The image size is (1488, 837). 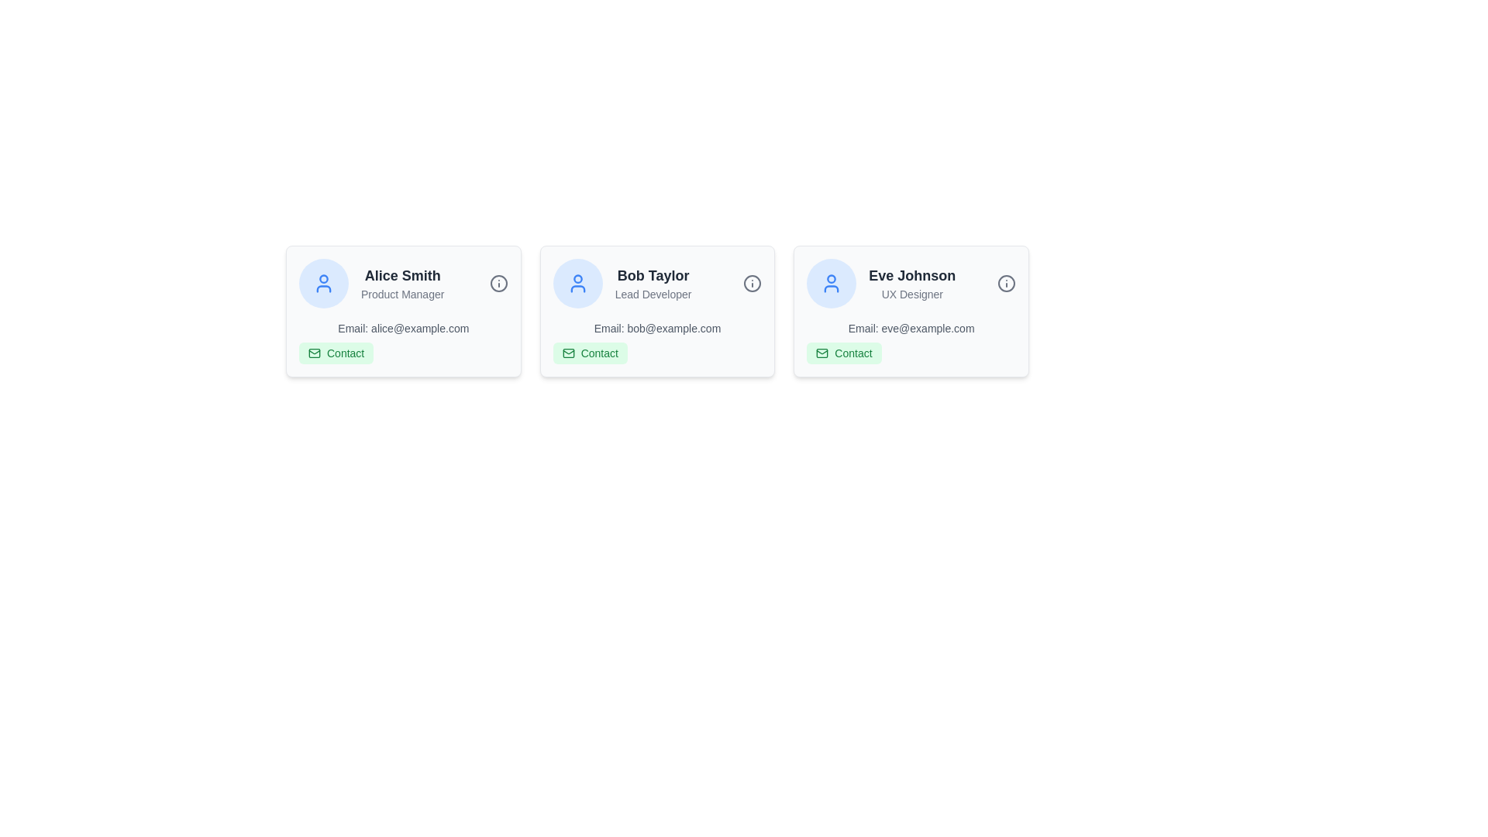 I want to click on profile information displayed on the first profile card located at the top left of the layout grid, so click(x=403, y=311).